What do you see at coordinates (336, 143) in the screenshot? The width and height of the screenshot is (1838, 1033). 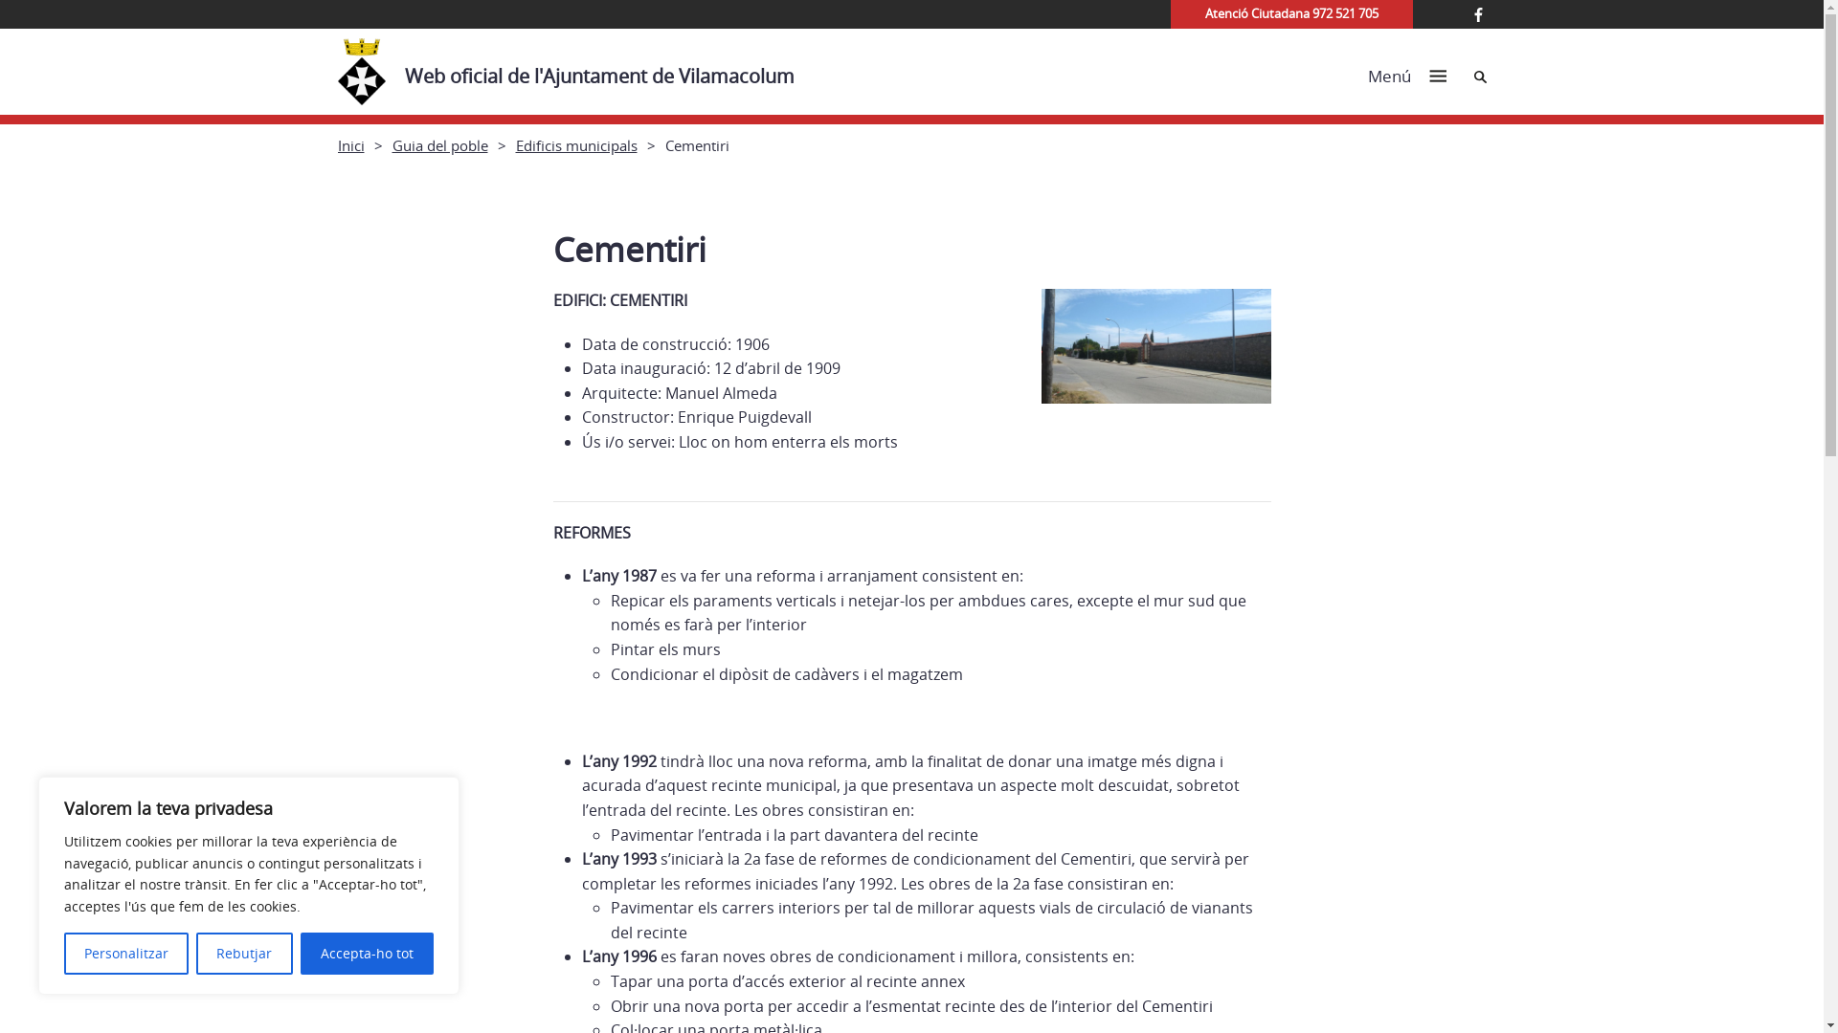 I see `'Inici'` at bounding box center [336, 143].